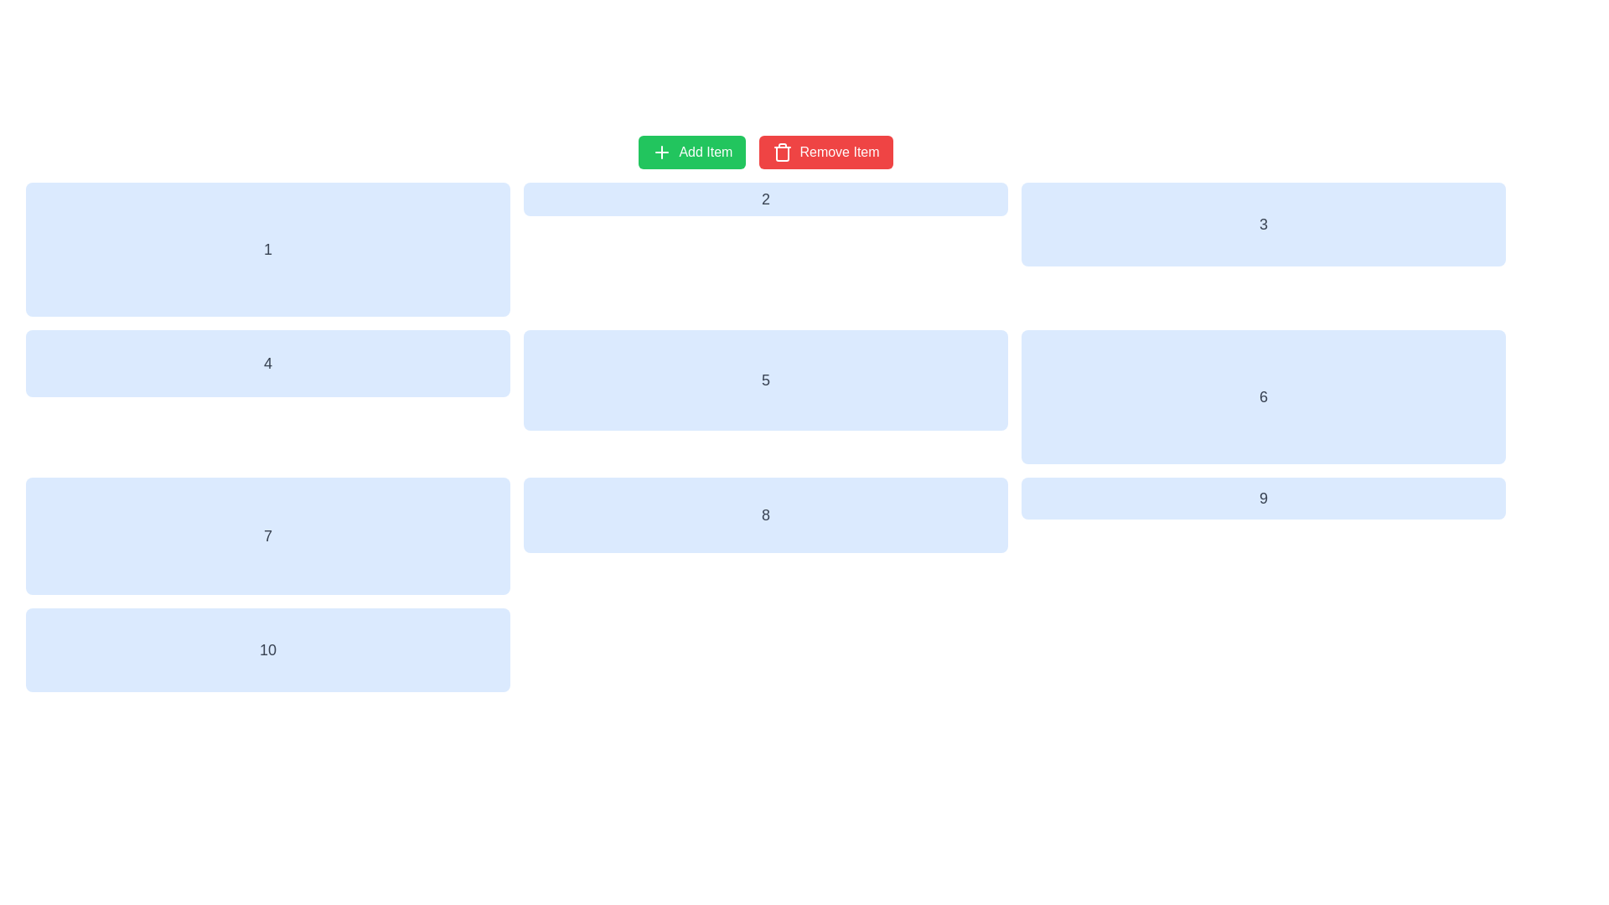  Describe the element at coordinates (1263, 397) in the screenshot. I see `the numeral '6' displayed in a large, bold font within a light blue rectangular block, located in the fifth block of the grid layout` at that location.